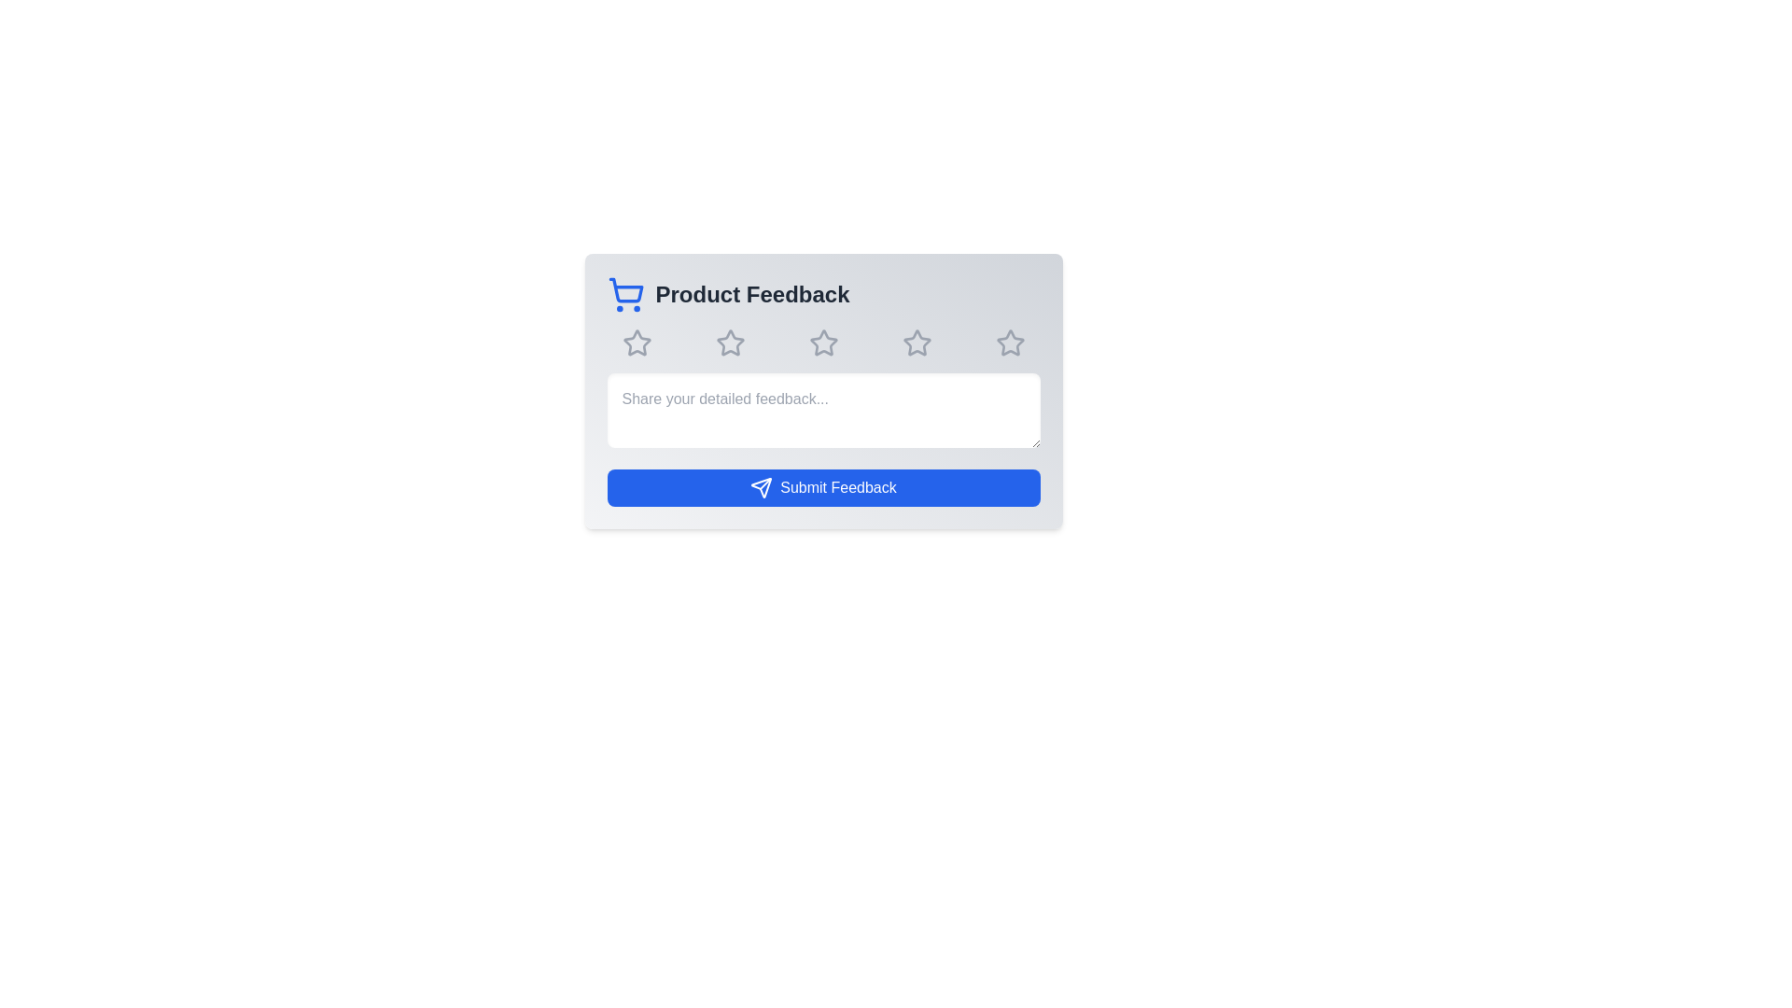  What do you see at coordinates (752, 294) in the screenshot?
I see `the 'Product Feedback' text label, which serves as a title for the feedback module and is positioned next to a blue shopping cart icon` at bounding box center [752, 294].